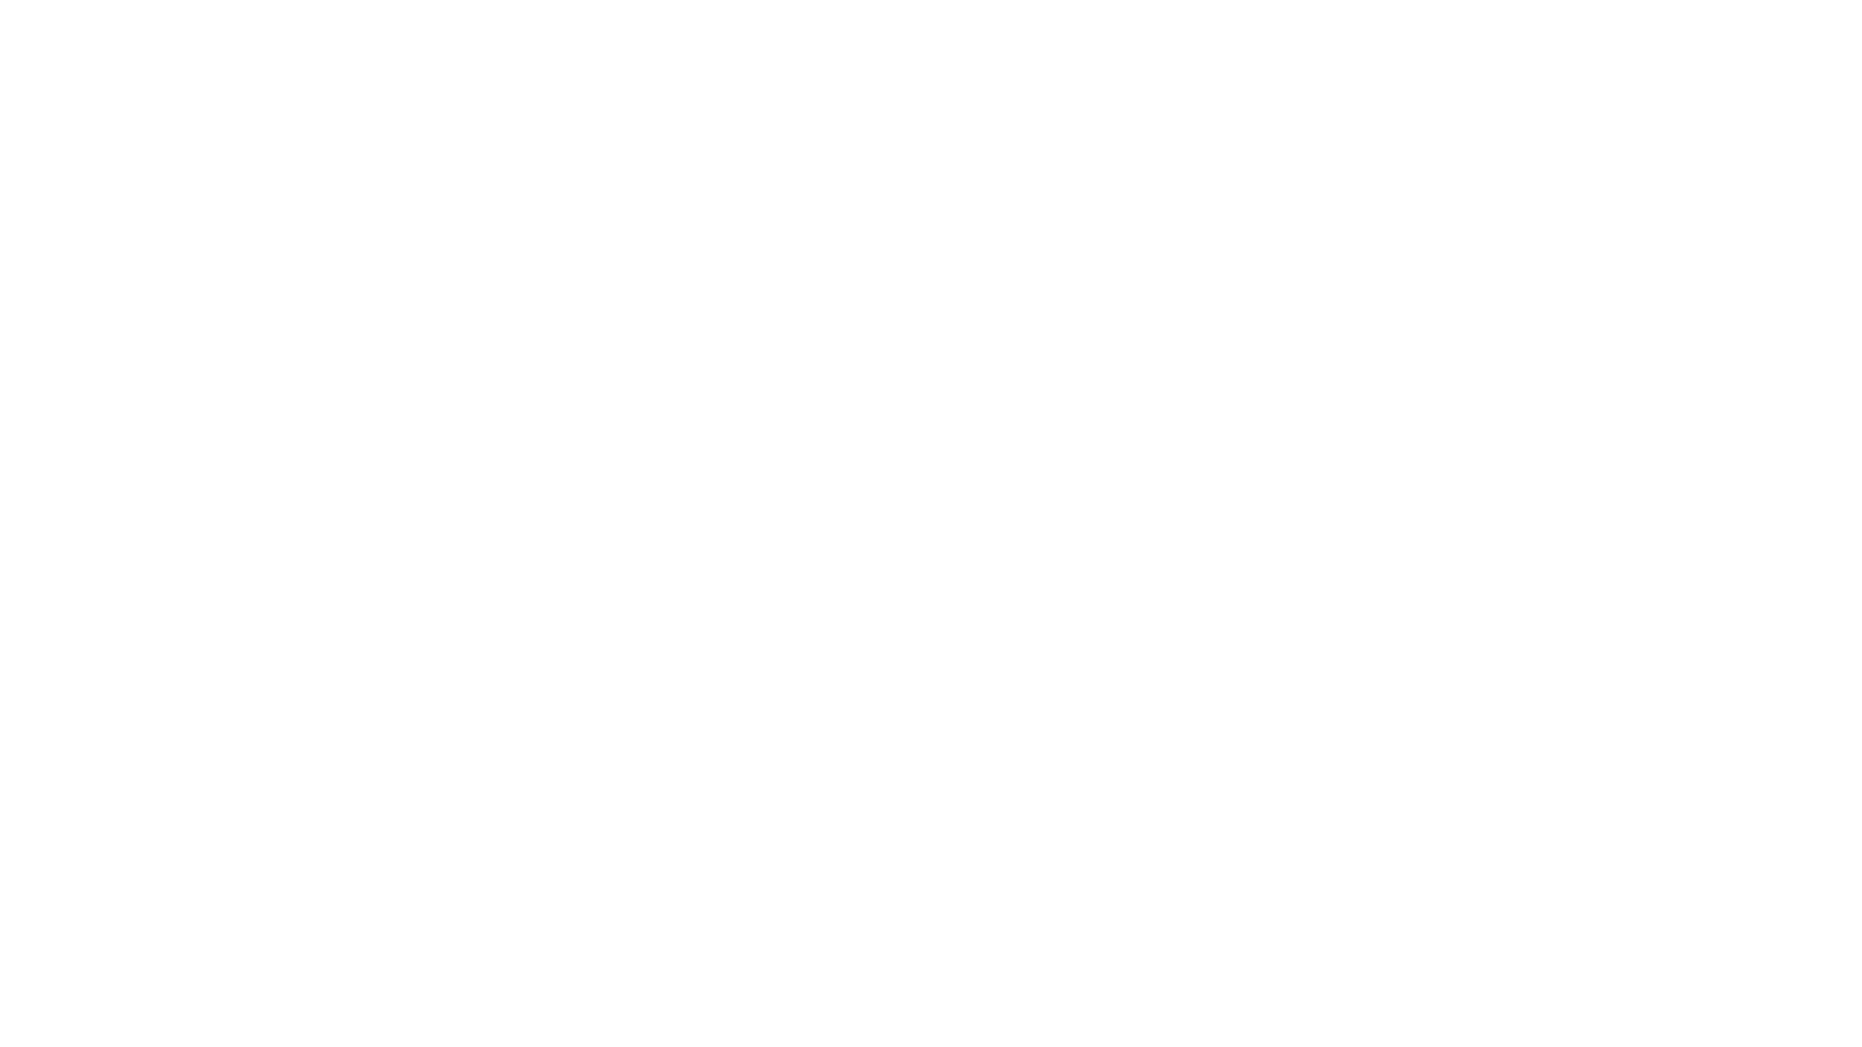  I want to click on People Operations, so click(287, 21).